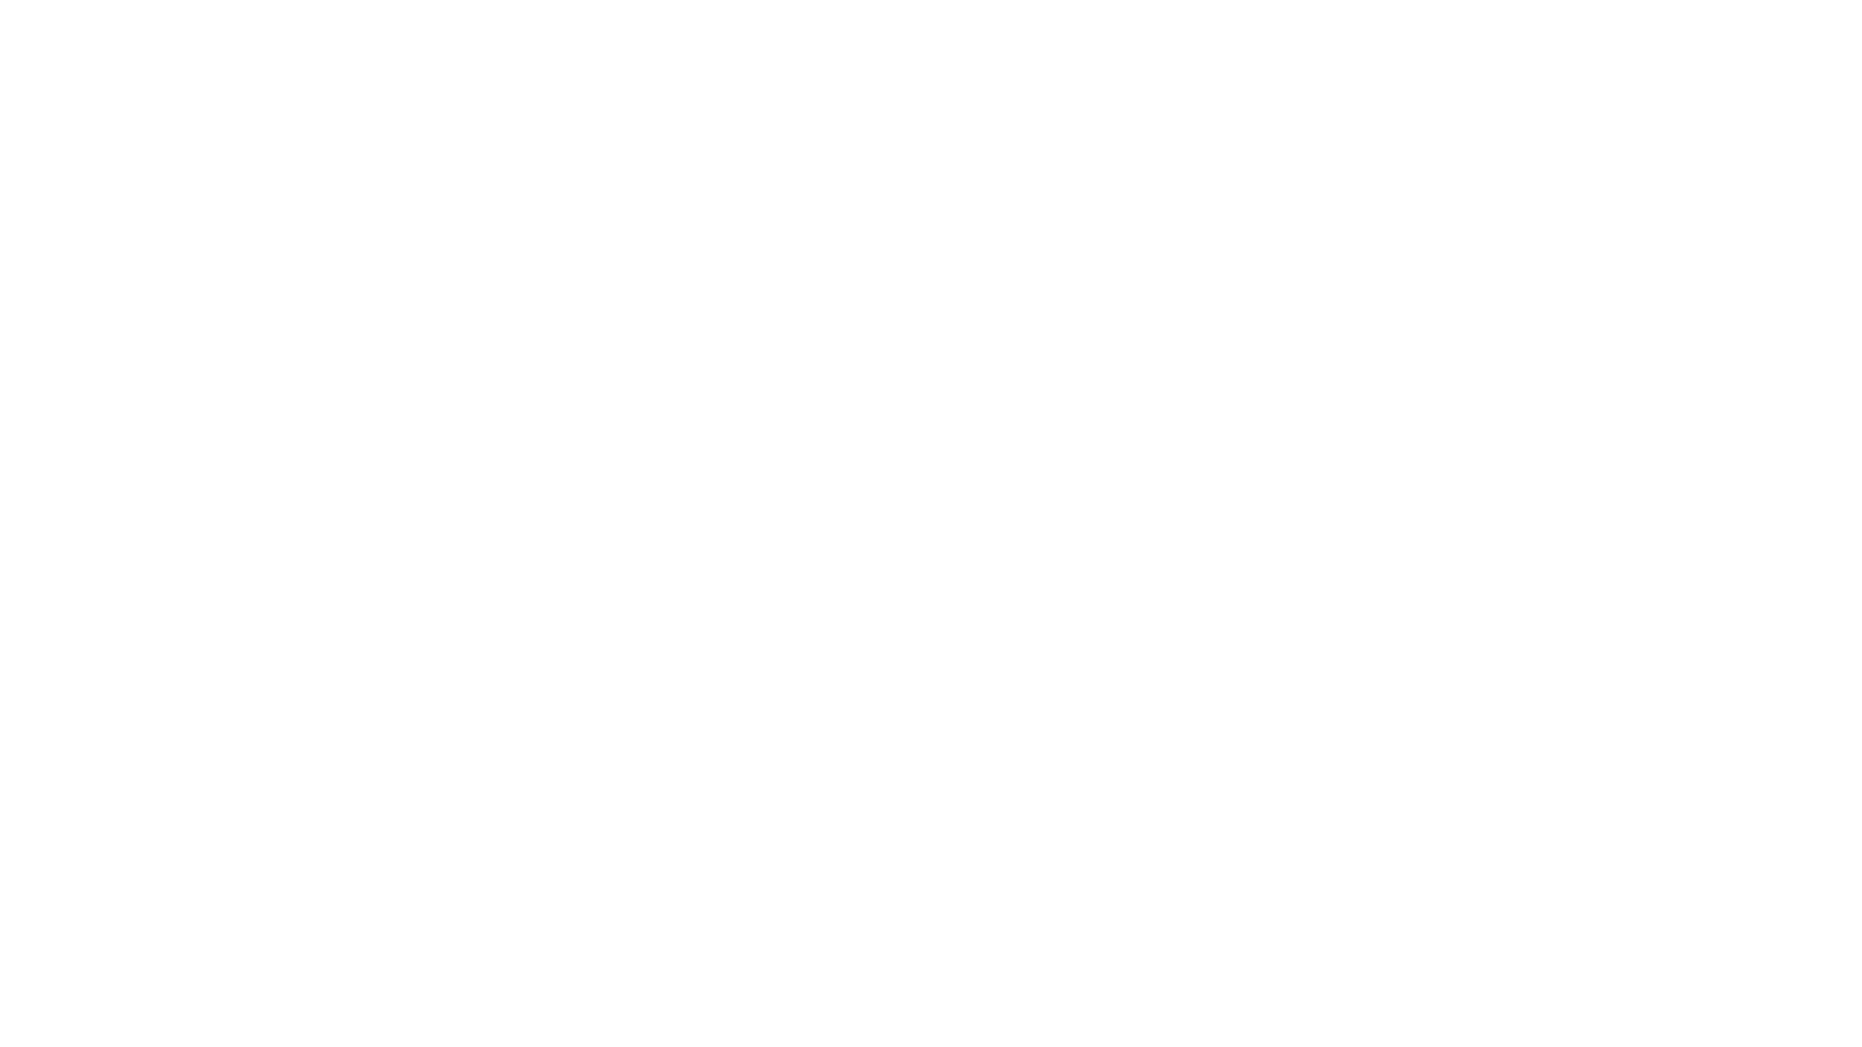  I want to click on People Operations, so click(287, 21).